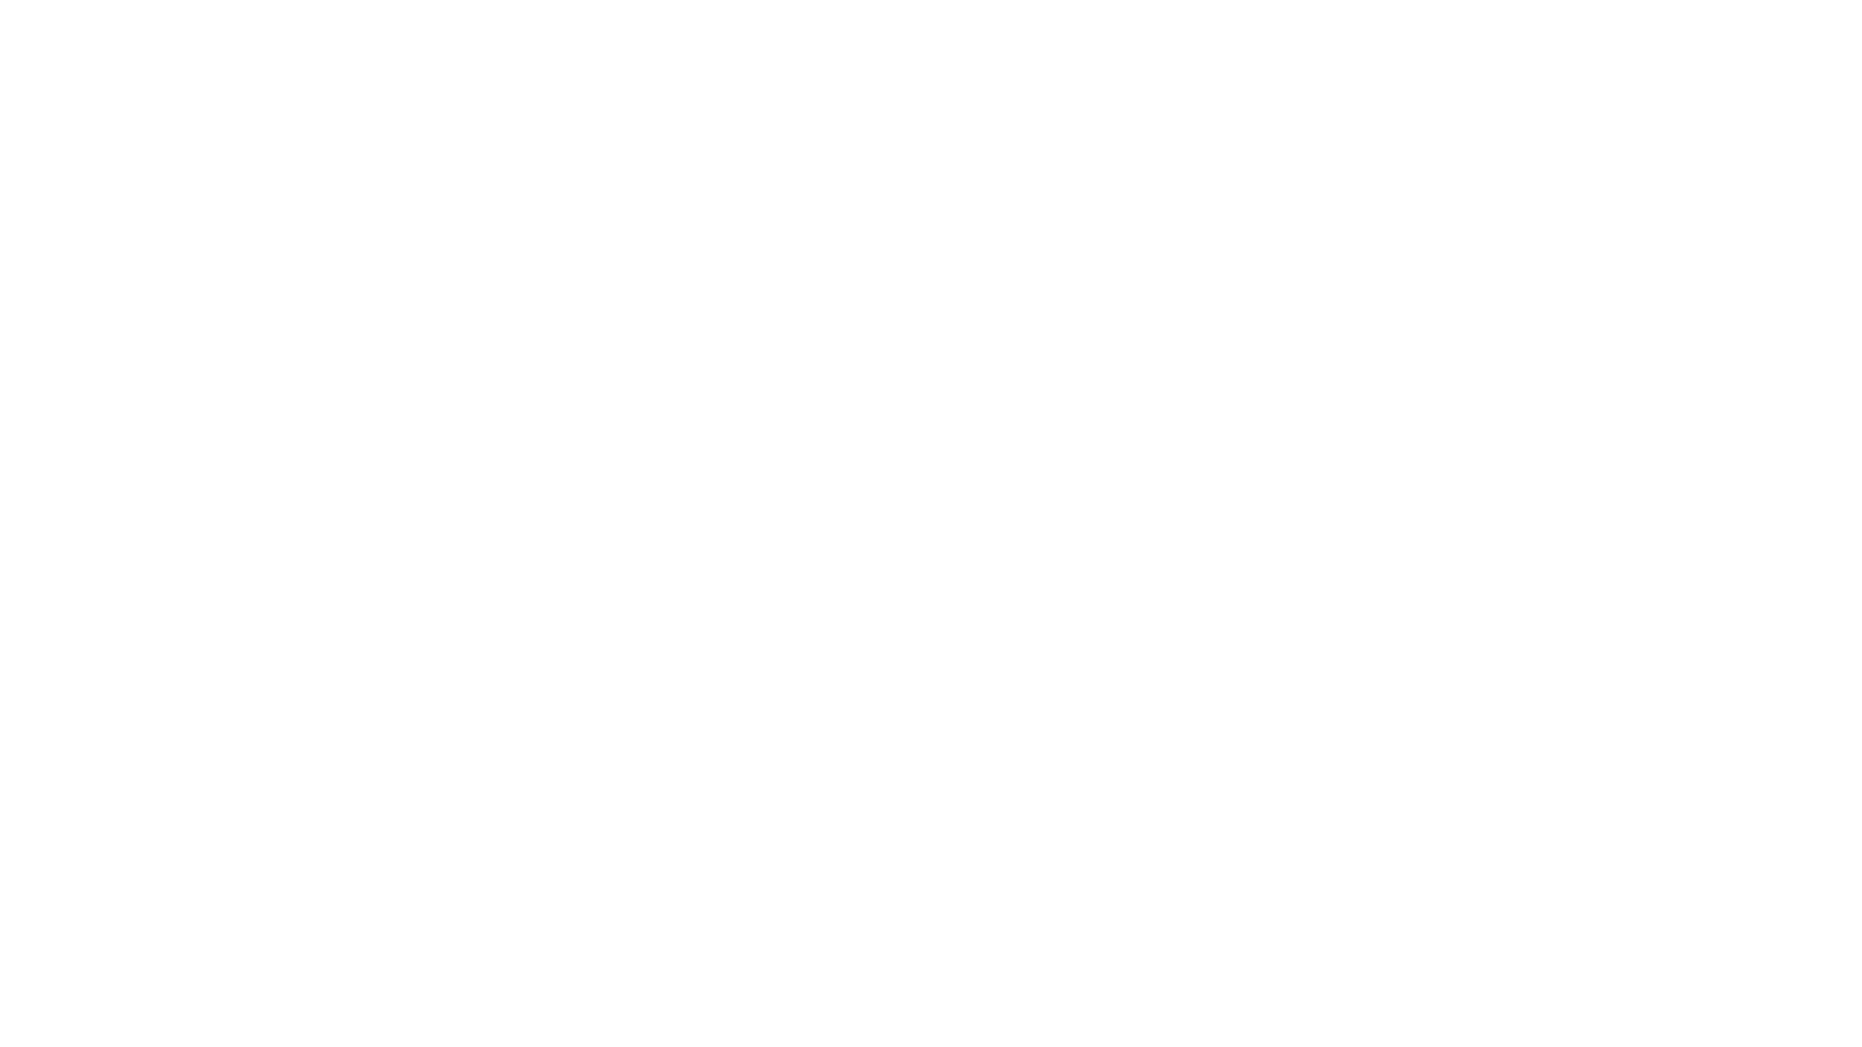  I want to click on People Operations, so click(287, 21).